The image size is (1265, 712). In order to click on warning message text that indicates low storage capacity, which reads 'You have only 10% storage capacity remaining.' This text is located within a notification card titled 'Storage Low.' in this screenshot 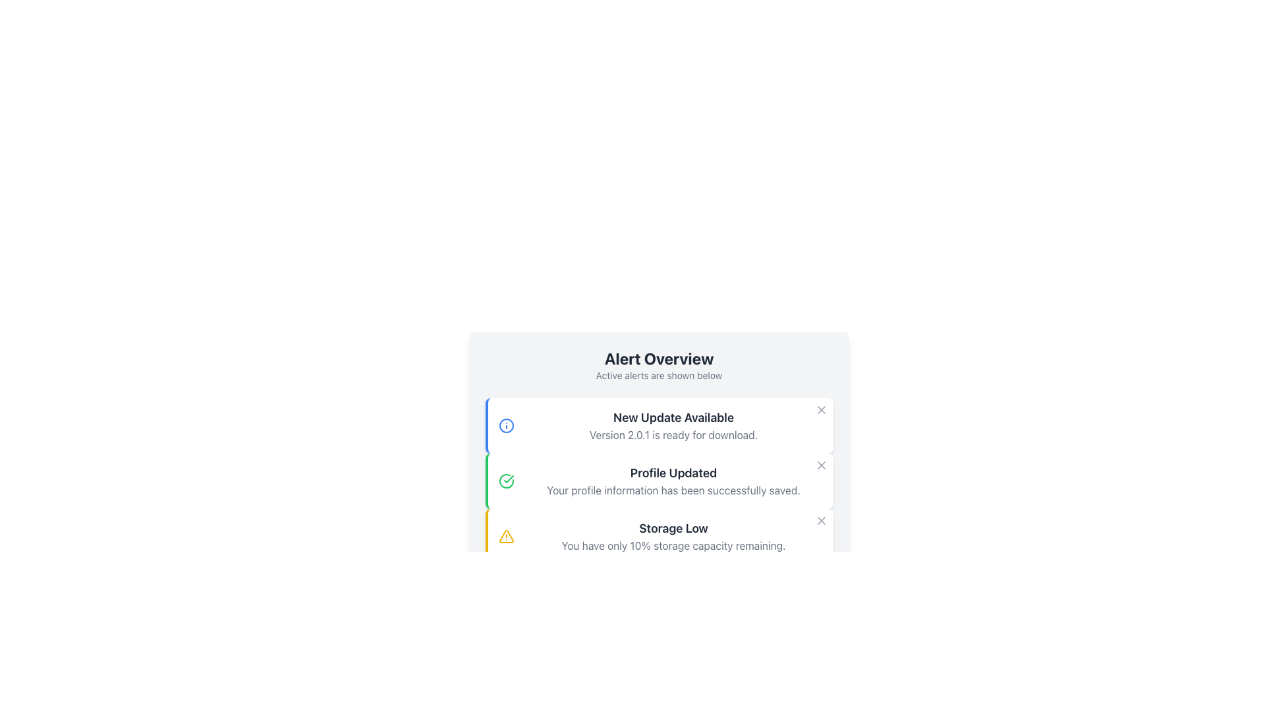, I will do `click(673, 546)`.